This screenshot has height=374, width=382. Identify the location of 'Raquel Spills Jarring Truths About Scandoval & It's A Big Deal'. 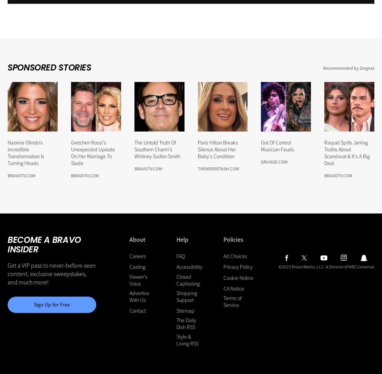
(347, 152).